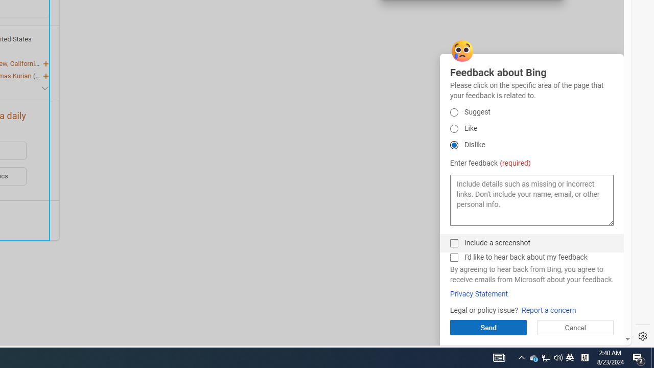 This screenshot has height=368, width=654. What do you see at coordinates (652, 357) in the screenshot?
I see `'Show desktop'` at bounding box center [652, 357].